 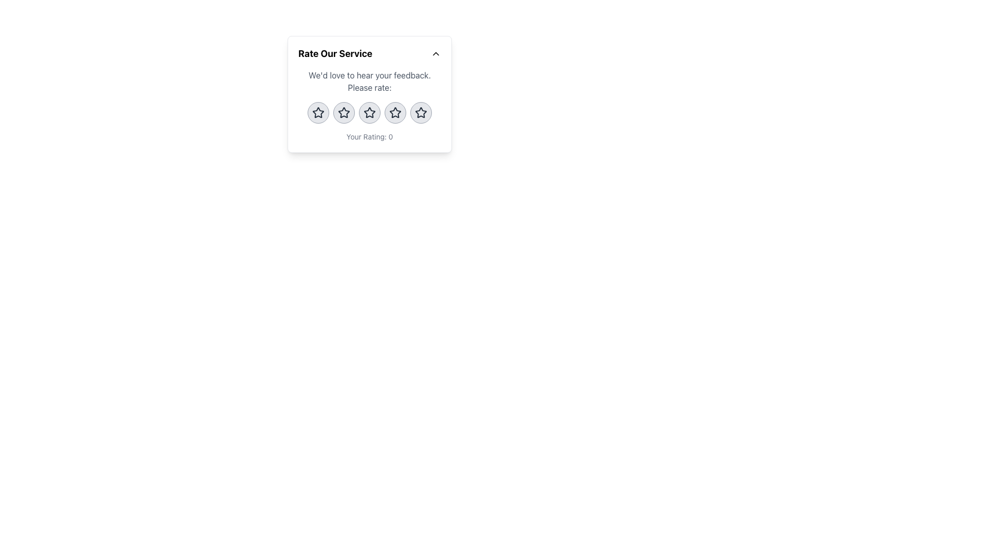 What do you see at coordinates (370, 136) in the screenshot?
I see `the text area displaying 'Your Rating: 0', which is located at the bottom of the feedback section, directly below the rating stars` at bounding box center [370, 136].